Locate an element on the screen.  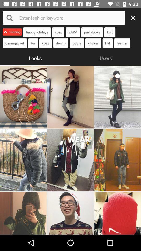
look at the image is located at coordinates (118, 97).